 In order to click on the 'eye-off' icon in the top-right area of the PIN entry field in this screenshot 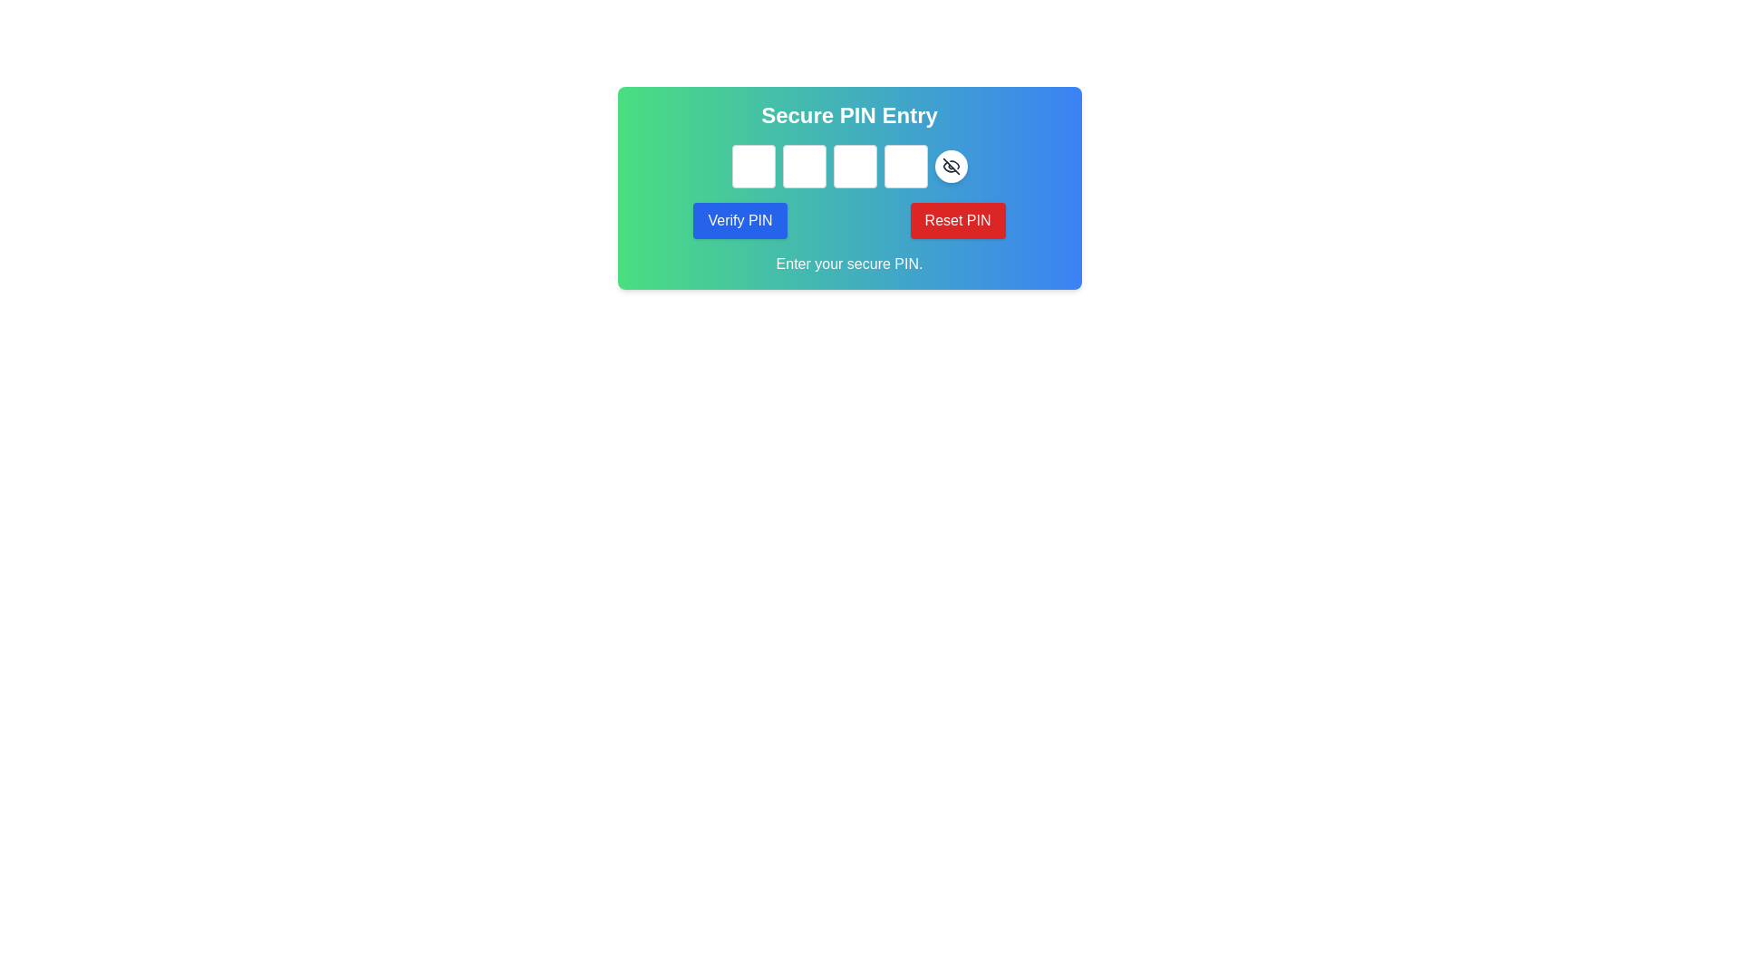, I will do `click(950, 167)`.